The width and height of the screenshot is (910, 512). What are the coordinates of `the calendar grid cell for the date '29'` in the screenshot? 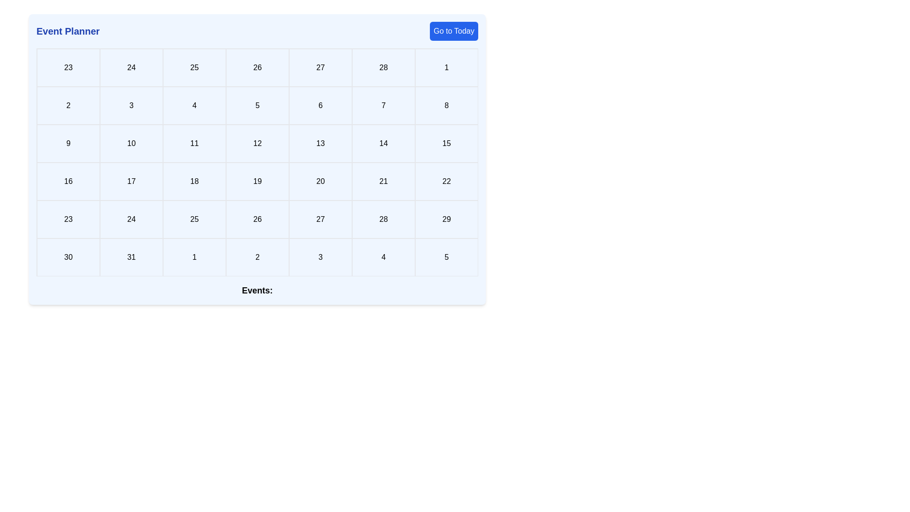 It's located at (446, 219).